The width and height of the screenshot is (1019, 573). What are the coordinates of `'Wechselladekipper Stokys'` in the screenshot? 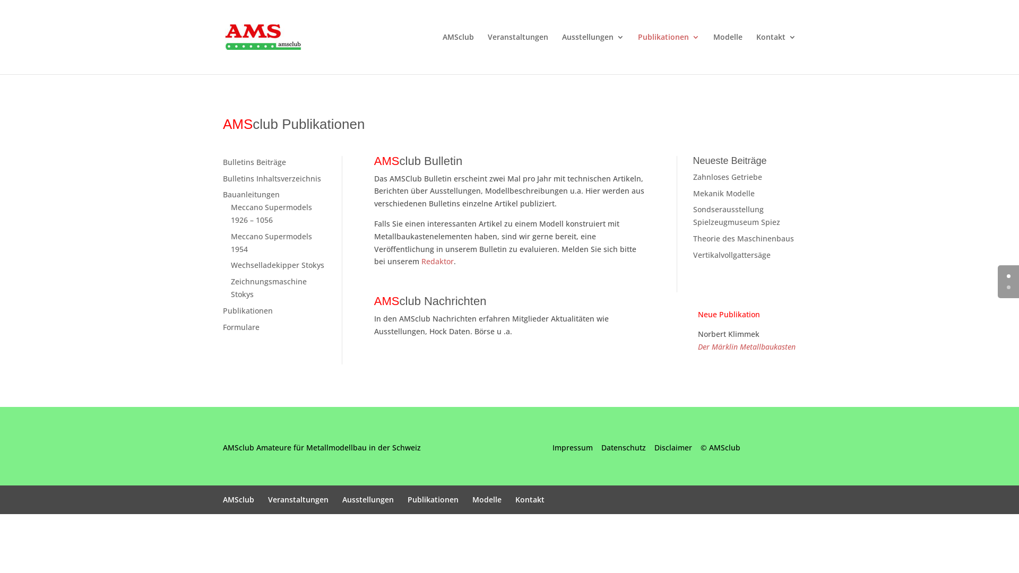 It's located at (230, 264).